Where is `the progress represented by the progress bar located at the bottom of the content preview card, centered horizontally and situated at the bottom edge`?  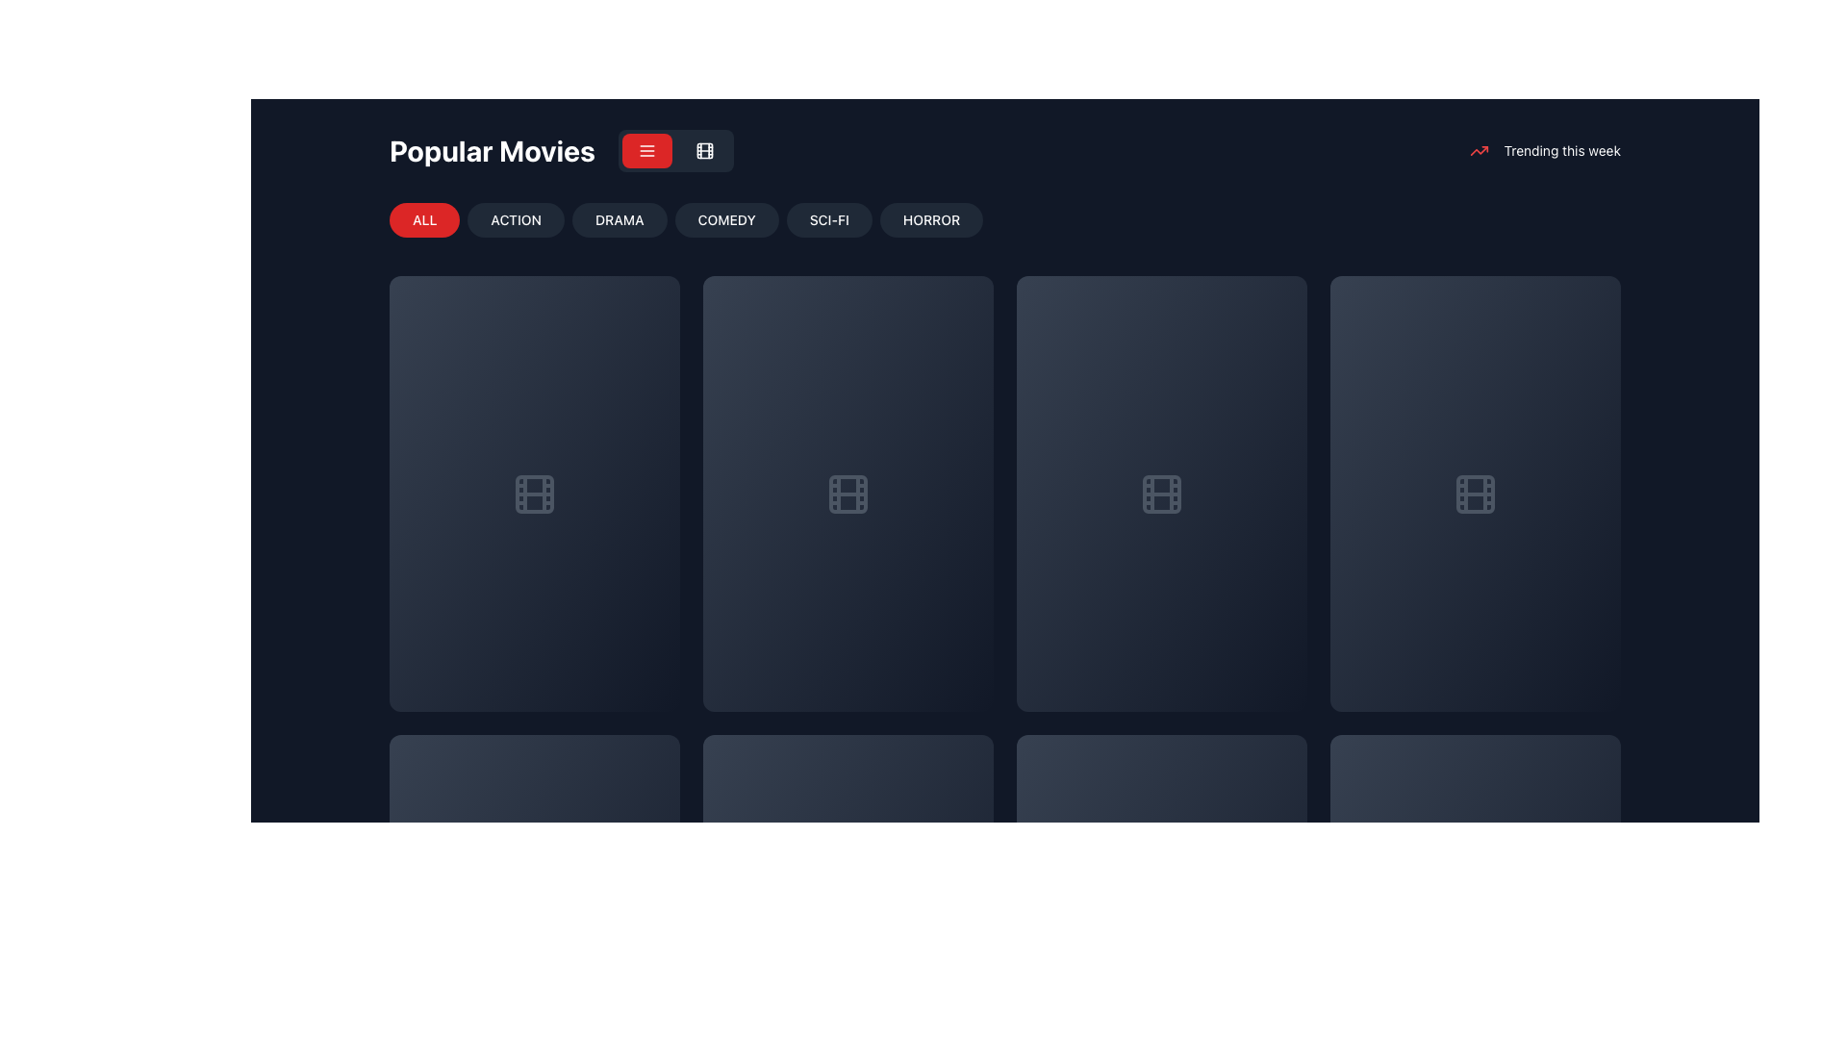 the progress represented by the progress bar located at the bottom of the content preview card, centered horizontally and situated at the bottom edge is located at coordinates (535, 694).